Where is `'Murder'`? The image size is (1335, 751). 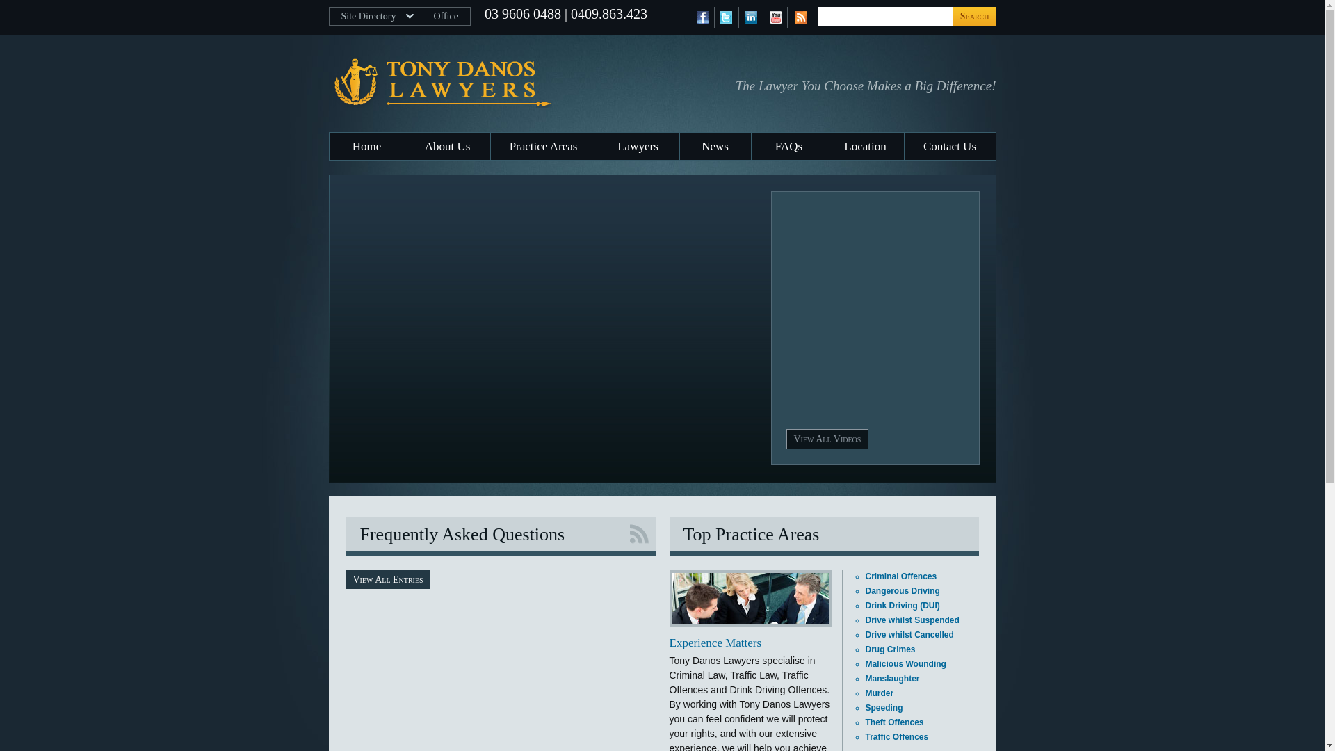 'Murder' is located at coordinates (878, 693).